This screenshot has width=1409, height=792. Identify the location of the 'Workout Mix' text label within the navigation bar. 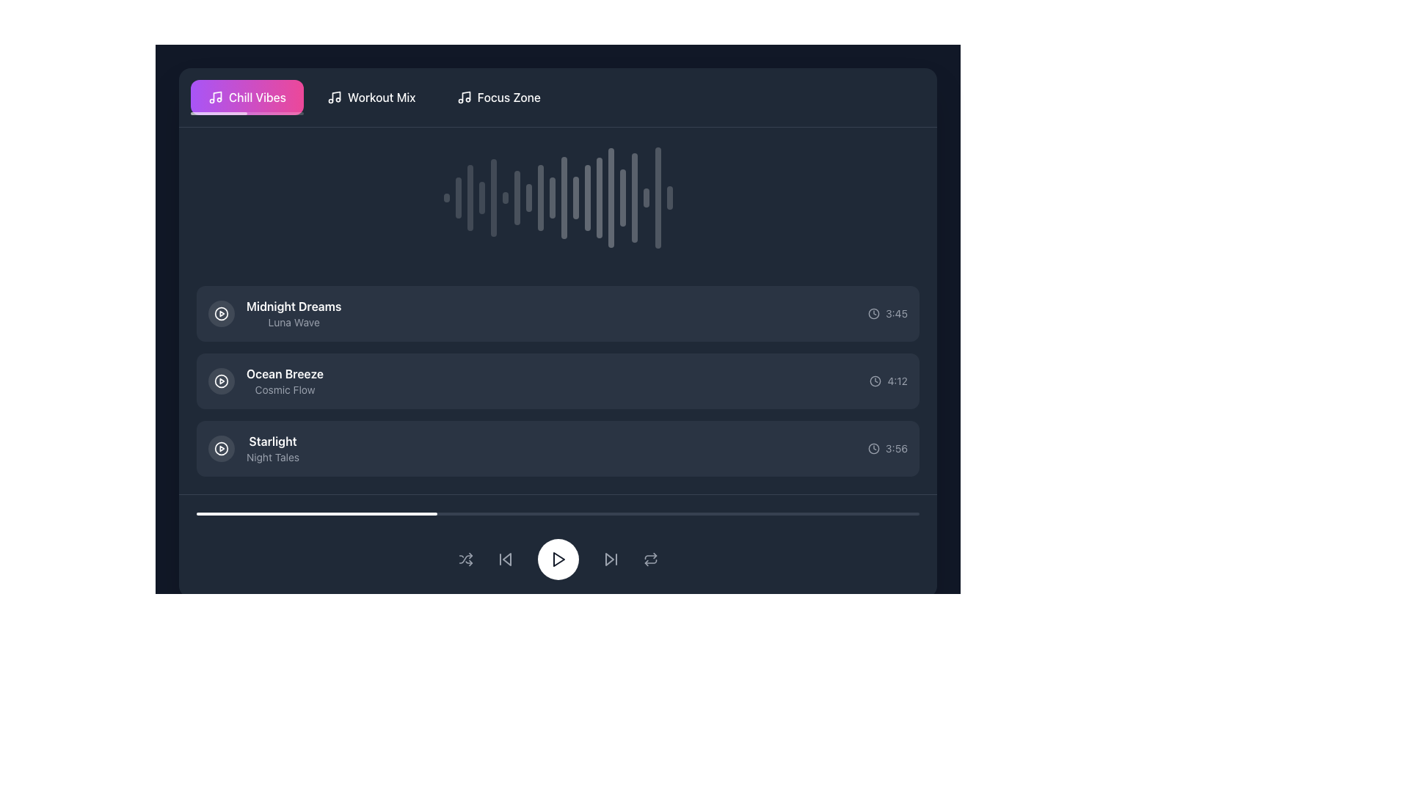
(382, 97).